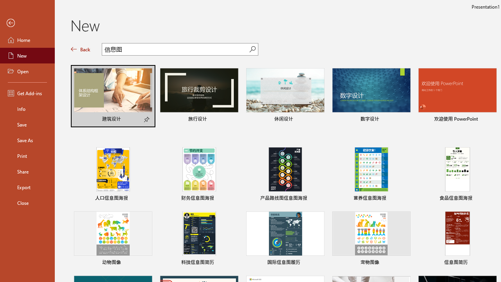 The image size is (501, 282). I want to click on 'Info', so click(27, 108).